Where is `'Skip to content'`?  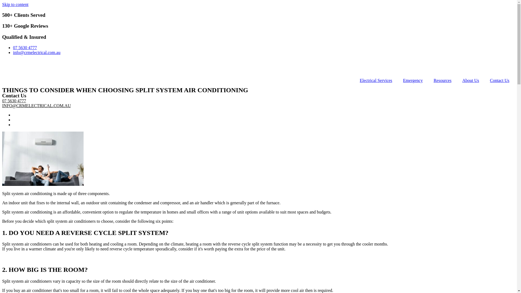
'Skip to content' is located at coordinates (15, 4).